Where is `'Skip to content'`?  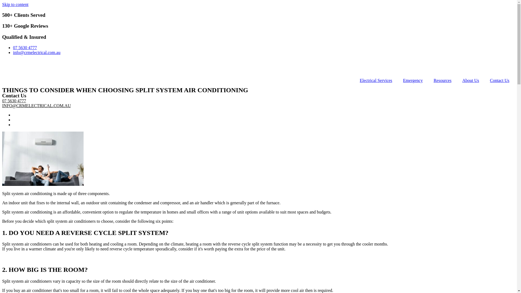
'Skip to content' is located at coordinates (15, 4).